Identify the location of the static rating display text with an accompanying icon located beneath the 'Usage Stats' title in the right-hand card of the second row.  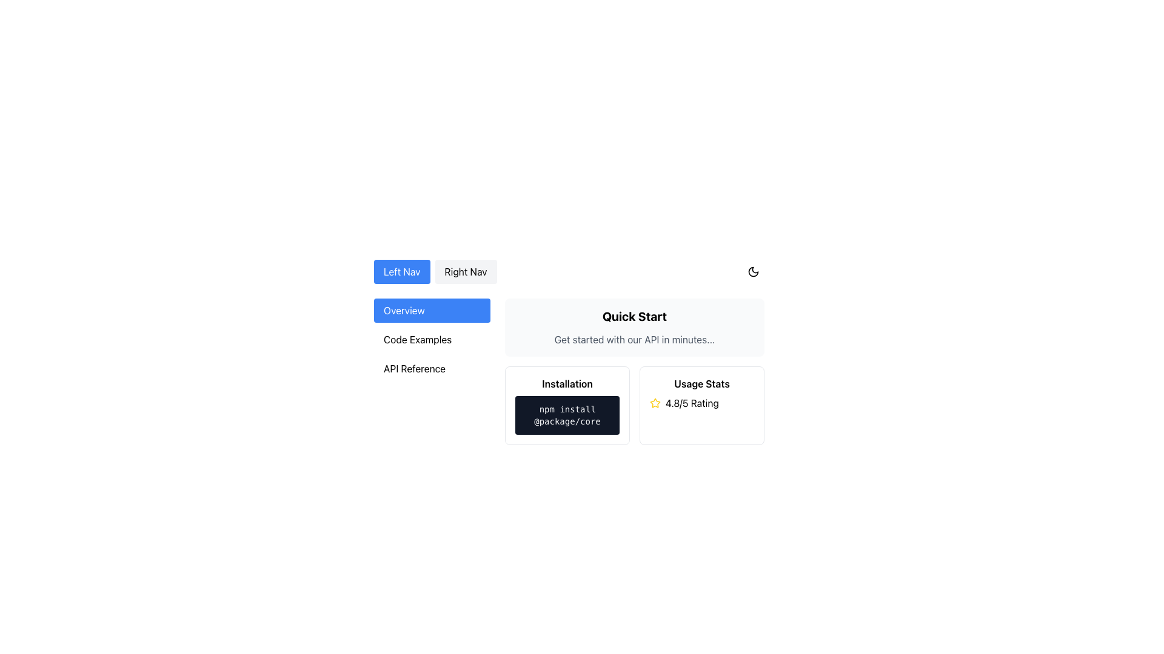
(701, 403).